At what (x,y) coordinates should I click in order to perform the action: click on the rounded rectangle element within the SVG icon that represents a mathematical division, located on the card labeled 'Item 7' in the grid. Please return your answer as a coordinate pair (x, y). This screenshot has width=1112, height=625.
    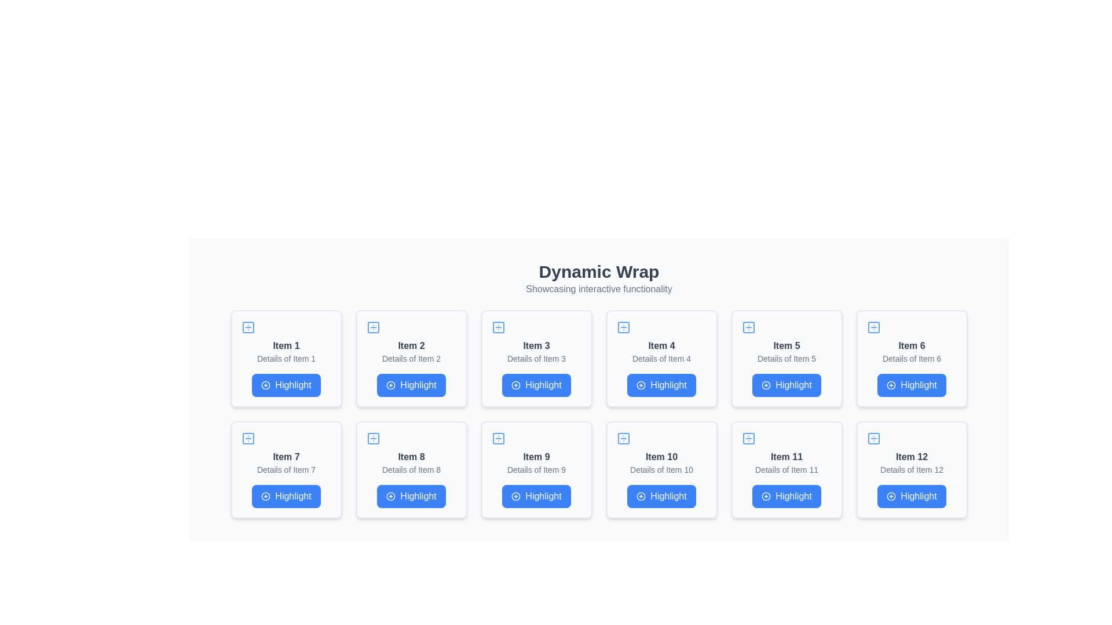
    Looking at the image, I should click on (247, 439).